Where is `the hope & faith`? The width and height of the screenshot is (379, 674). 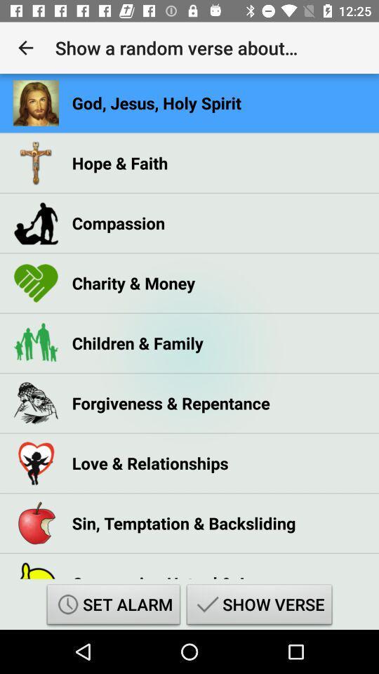 the hope & faith is located at coordinates (120, 163).